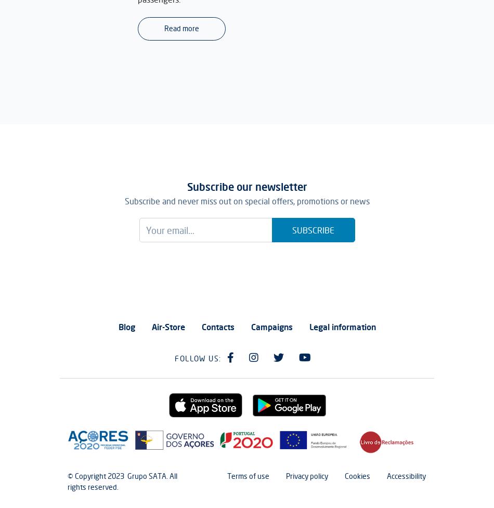 The image size is (494, 508). What do you see at coordinates (246, 187) in the screenshot?
I see `'Subscribe our newsletter'` at bounding box center [246, 187].